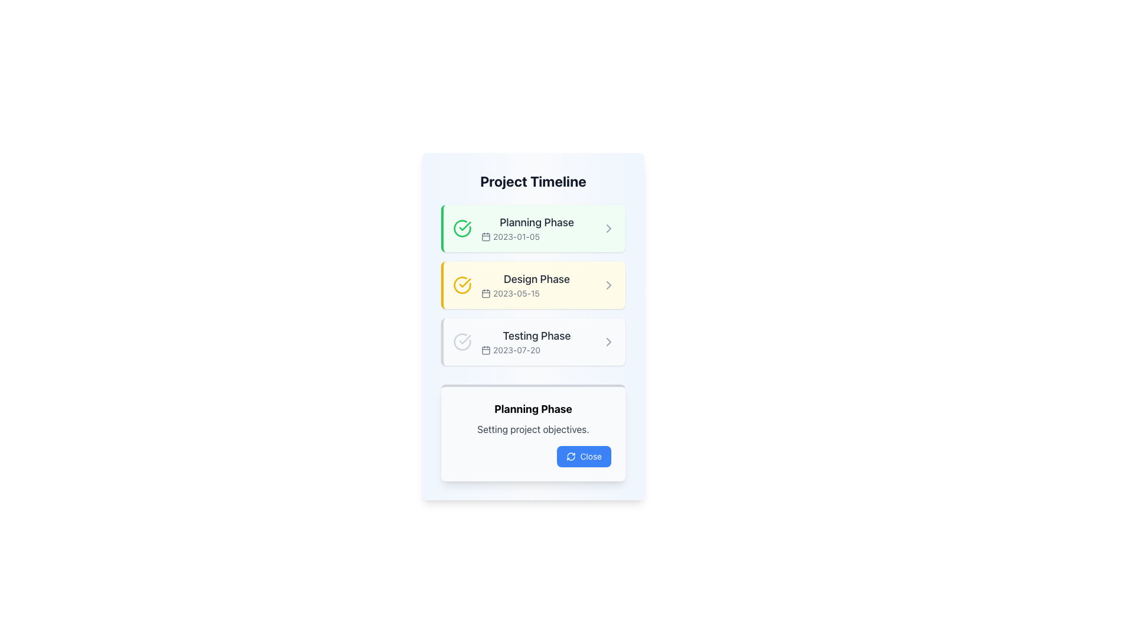 This screenshot has width=1134, height=638. I want to click on the Text Label indicating the title of the current phase in the timeline, located above the date label '2023-07-20' in the 'Testing Phase 2023-07-20' item, so click(536, 336).